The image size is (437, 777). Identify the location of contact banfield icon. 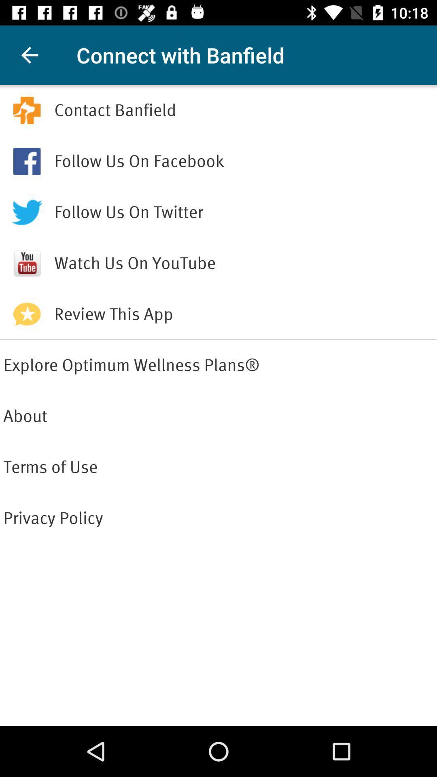
(243, 110).